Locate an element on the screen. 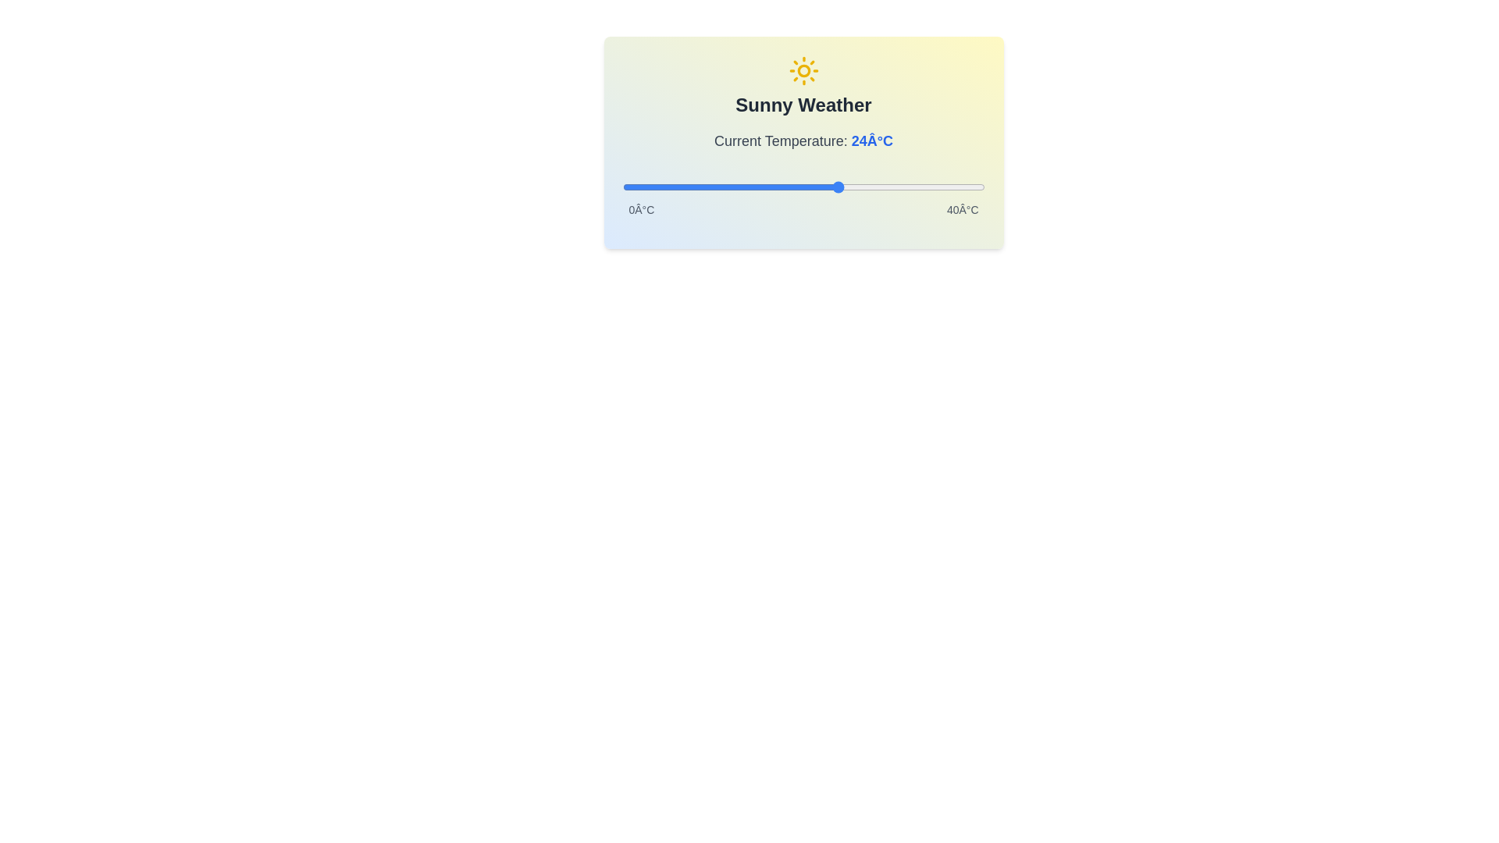  the Text Label displaying 'Sunny Weather', which is centrally located in a card-like component with a light background gradient is located at coordinates (803, 105).